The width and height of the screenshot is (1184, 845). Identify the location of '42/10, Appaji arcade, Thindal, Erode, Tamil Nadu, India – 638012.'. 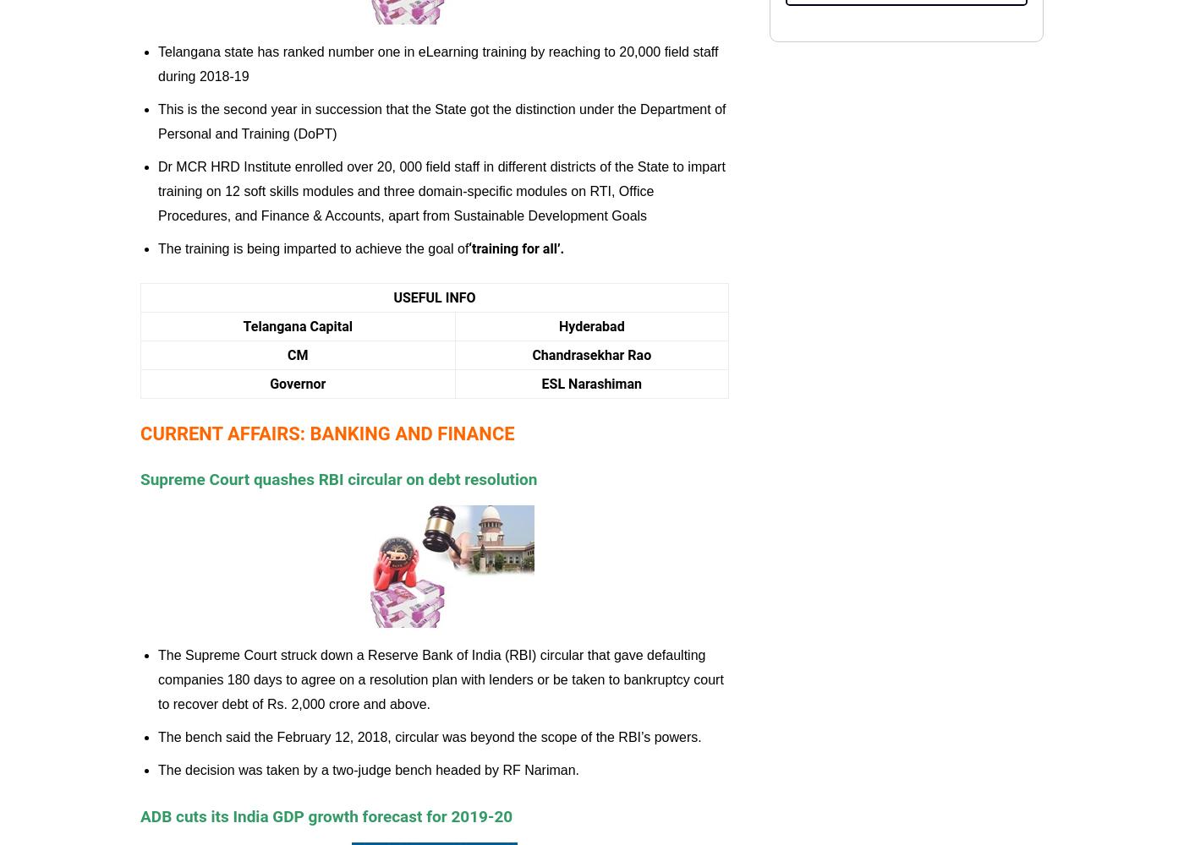
(940, 52).